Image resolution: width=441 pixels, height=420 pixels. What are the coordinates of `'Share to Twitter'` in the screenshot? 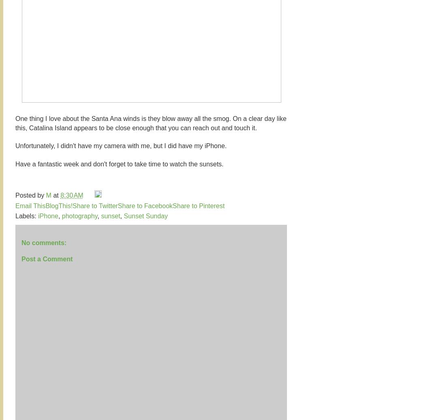 It's located at (72, 205).